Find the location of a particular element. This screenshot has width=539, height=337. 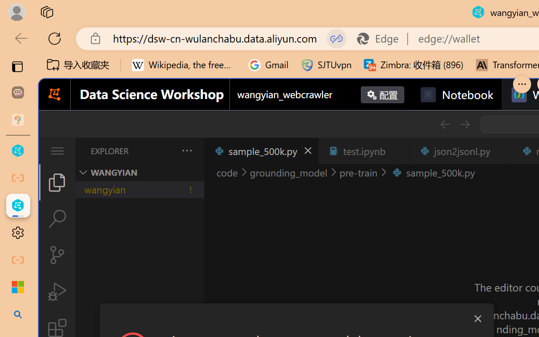

'Source Control (Ctrl+Shift+G)' is located at coordinates (56, 255).